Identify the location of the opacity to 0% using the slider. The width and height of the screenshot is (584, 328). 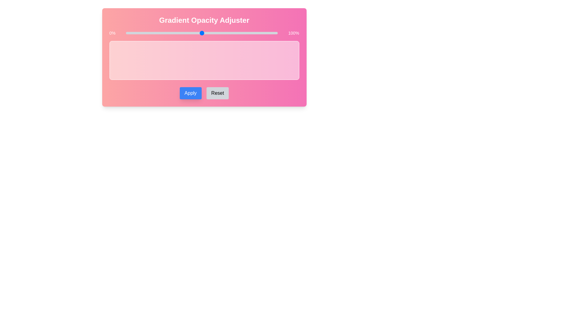
(125, 33).